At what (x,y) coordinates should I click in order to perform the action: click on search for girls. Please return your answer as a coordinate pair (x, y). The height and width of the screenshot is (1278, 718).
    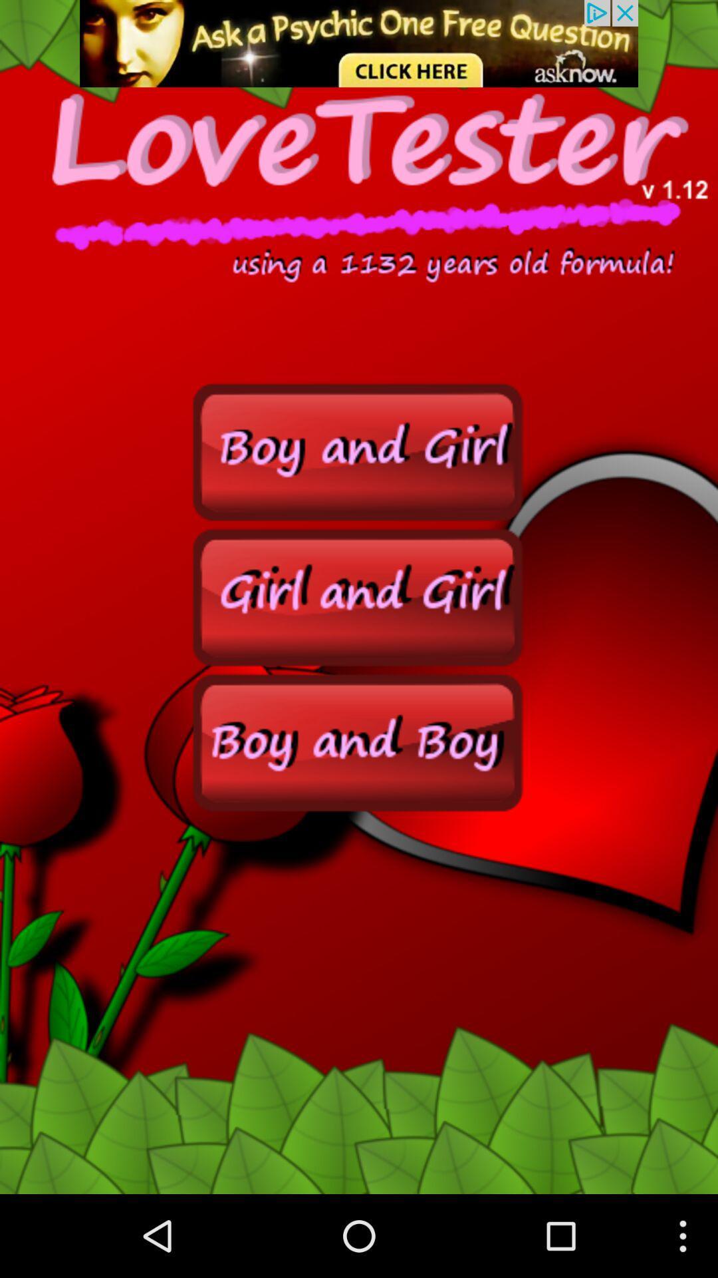
    Looking at the image, I should click on (359, 596).